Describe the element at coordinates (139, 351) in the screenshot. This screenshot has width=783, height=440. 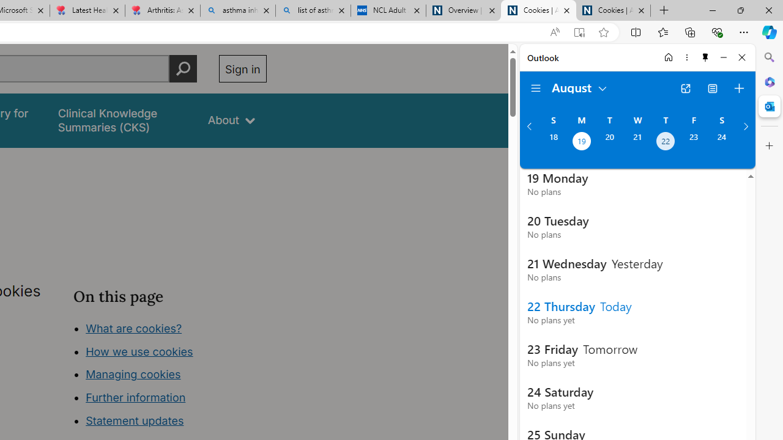
I see `'How we use cookies'` at that location.